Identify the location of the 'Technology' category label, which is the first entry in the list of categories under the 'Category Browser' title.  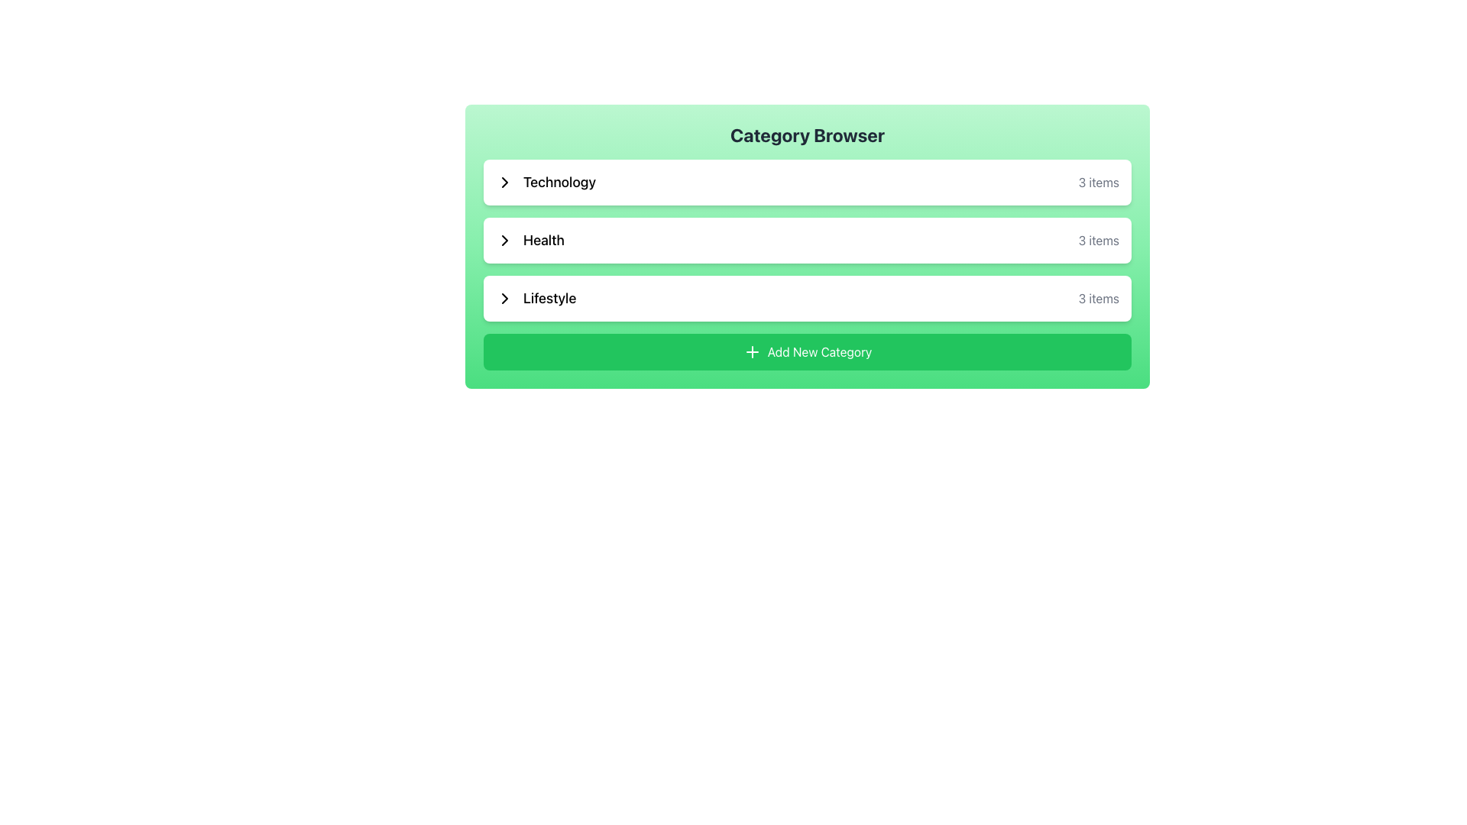
(546, 182).